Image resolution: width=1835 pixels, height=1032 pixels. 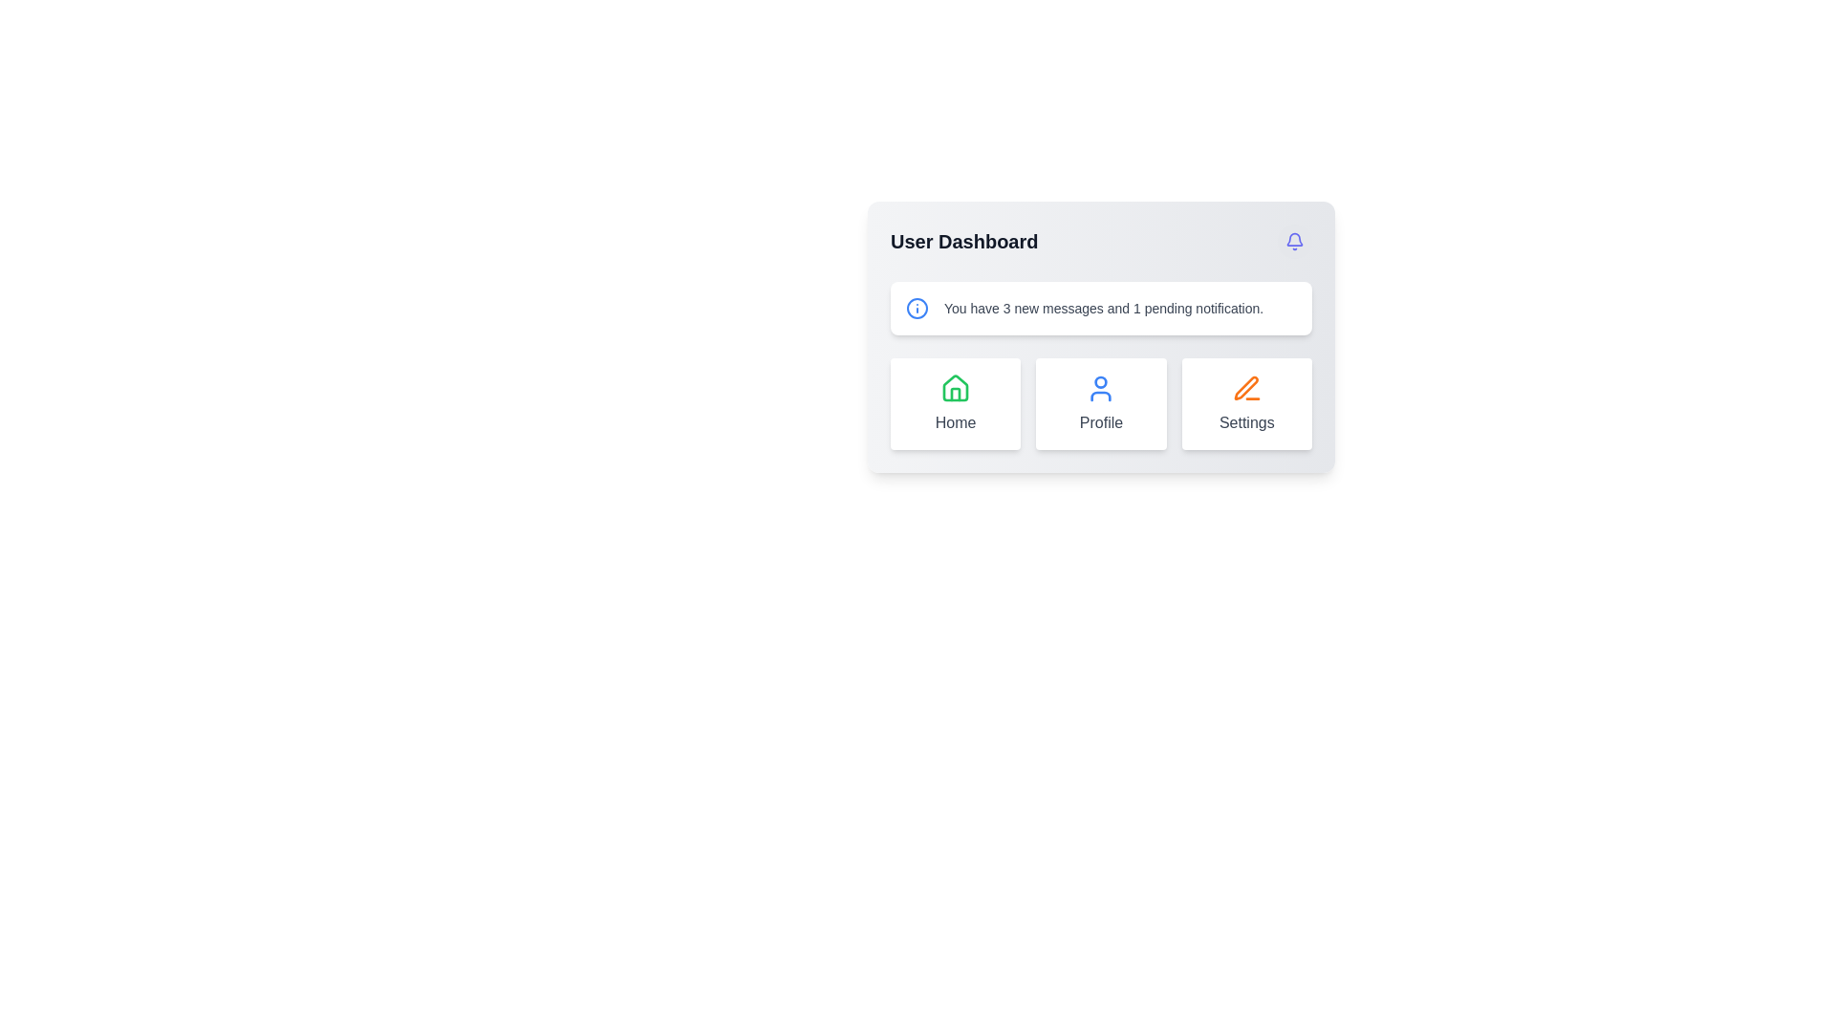 What do you see at coordinates (1294, 241) in the screenshot?
I see `the notification icon button located at the top-right corner of the dashboard to visualize hover effects` at bounding box center [1294, 241].